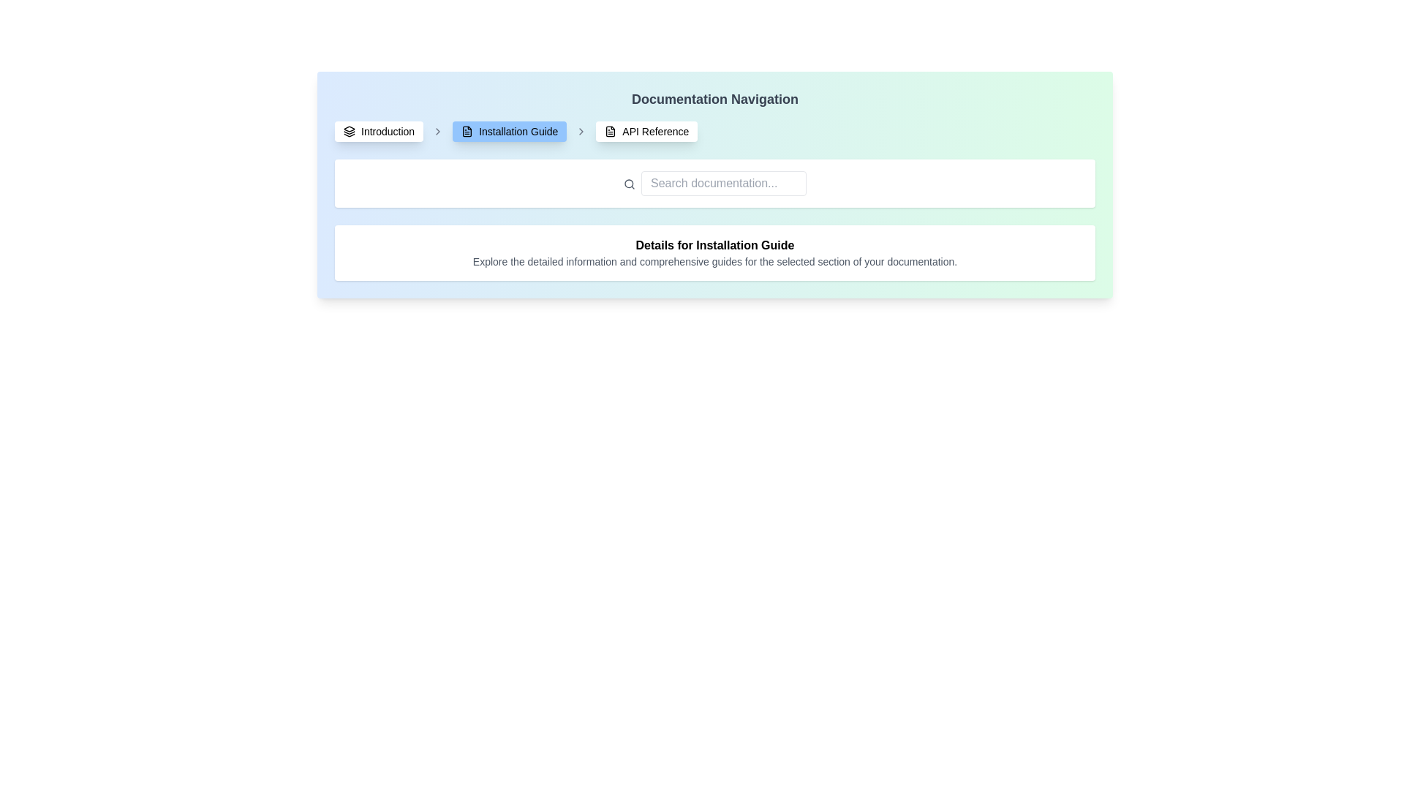 The image size is (1404, 790). Describe the element at coordinates (611, 132) in the screenshot. I see `the breadcrumb button that contains the API Reference icon` at that location.